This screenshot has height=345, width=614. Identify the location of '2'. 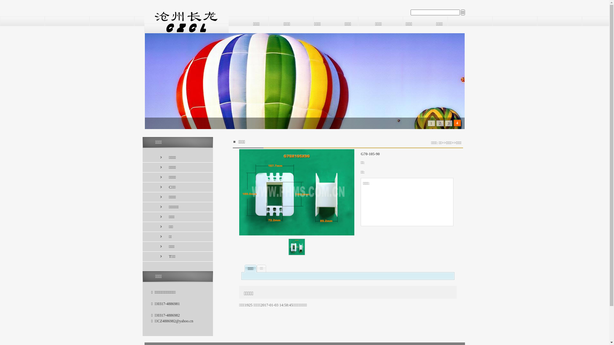
(439, 123).